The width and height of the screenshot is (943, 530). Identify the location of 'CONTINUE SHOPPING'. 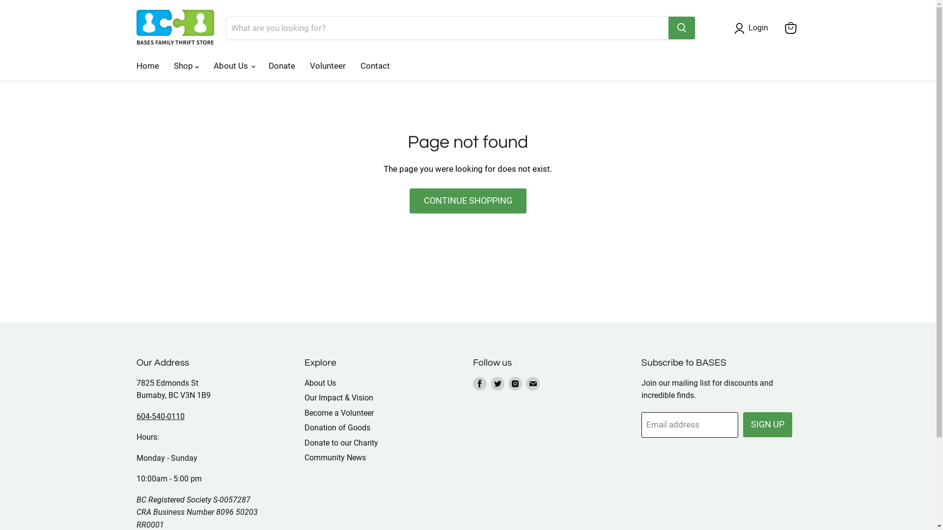
(410, 200).